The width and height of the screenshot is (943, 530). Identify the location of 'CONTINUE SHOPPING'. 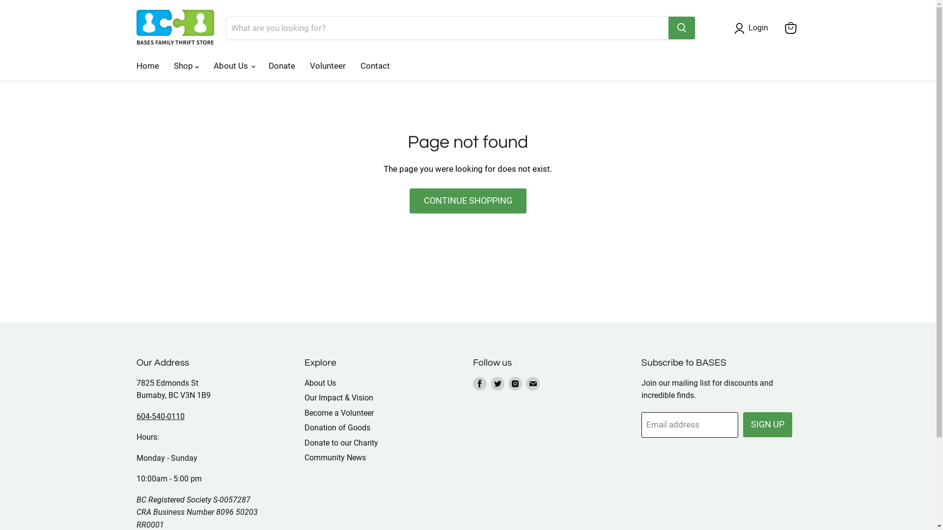
(410, 200).